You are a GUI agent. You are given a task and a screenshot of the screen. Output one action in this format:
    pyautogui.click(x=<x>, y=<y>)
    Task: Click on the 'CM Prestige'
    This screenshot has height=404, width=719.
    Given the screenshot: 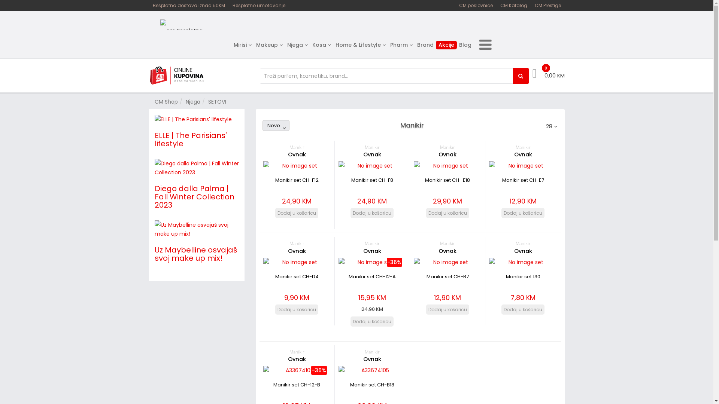 What is the action you would take?
    pyautogui.click(x=548, y=6)
    